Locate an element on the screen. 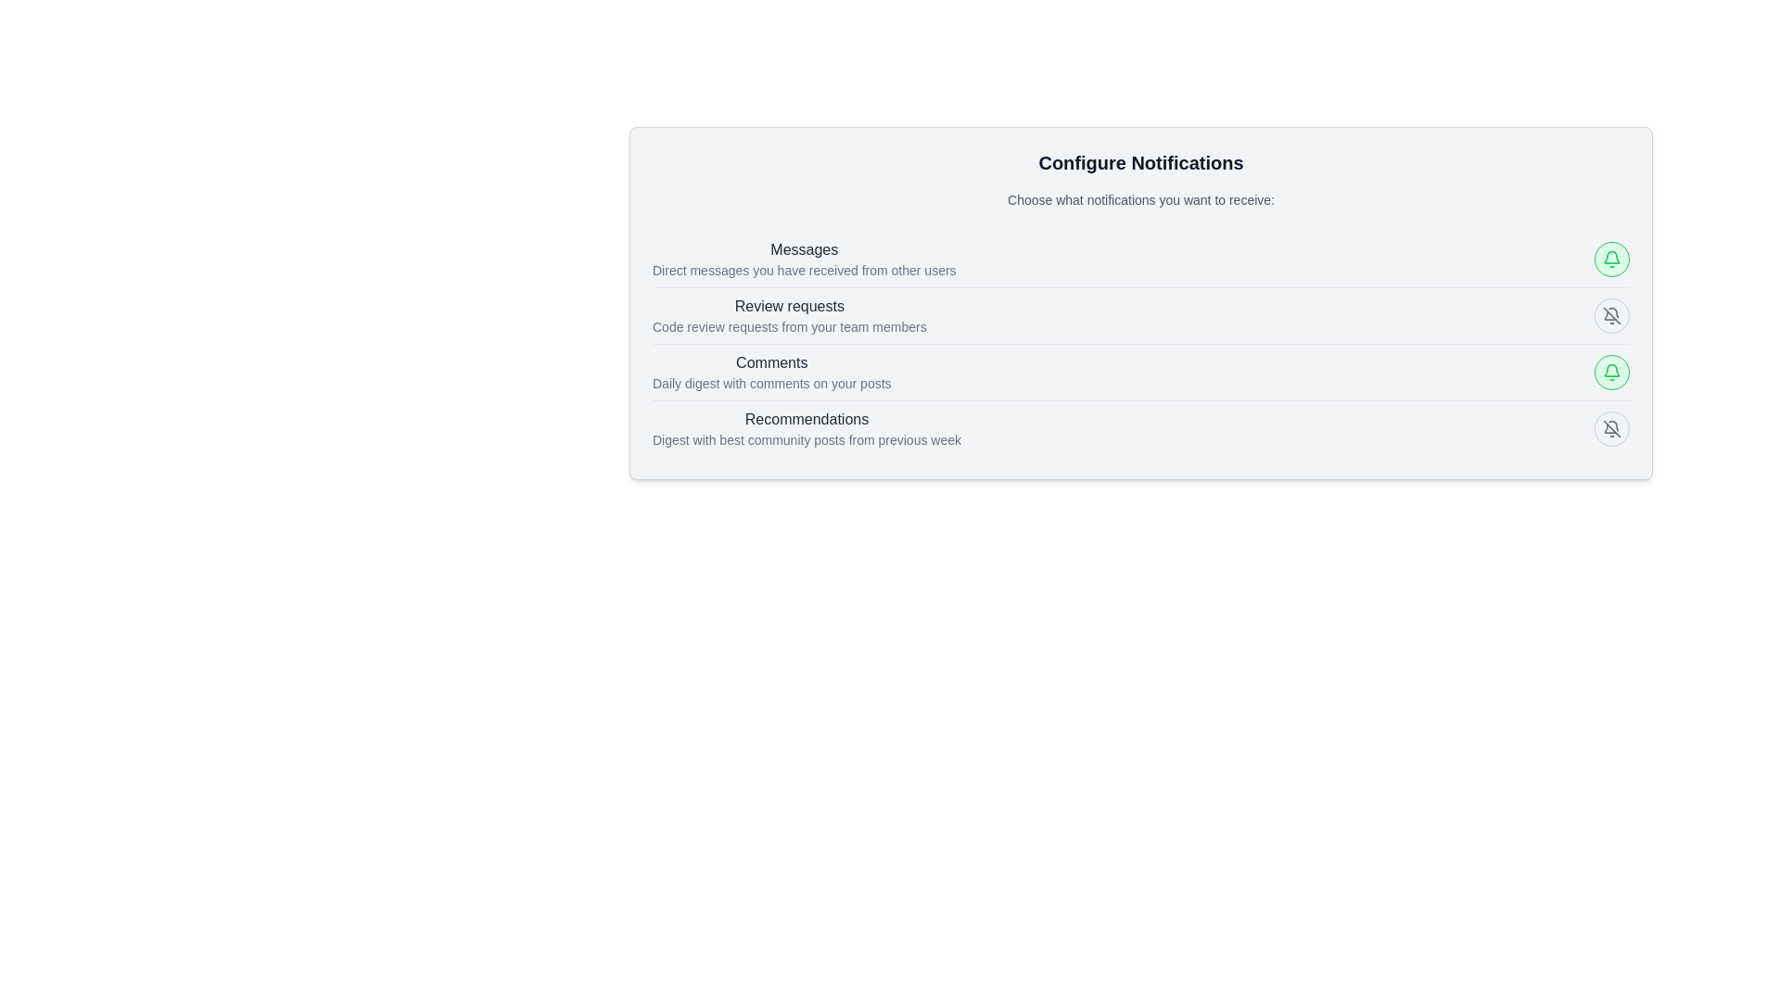  the text label that contains 'Daily digest with comments on your posts', which is styled in gray and located directly below the 'Comments' heading is located at coordinates (771, 382).